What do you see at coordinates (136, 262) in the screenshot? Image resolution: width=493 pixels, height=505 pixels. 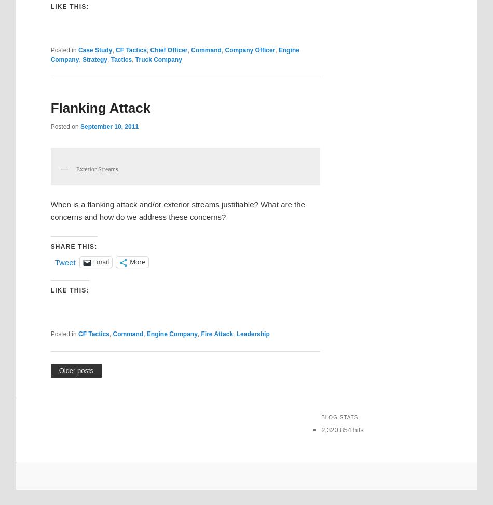 I see `'More'` at bounding box center [136, 262].